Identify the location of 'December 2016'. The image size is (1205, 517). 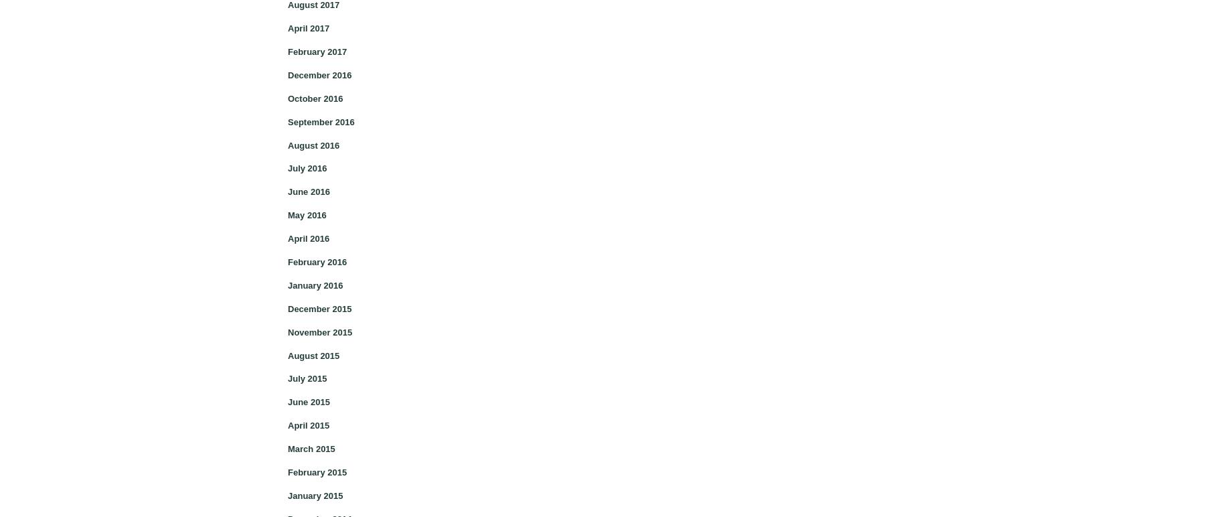
(319, 74).